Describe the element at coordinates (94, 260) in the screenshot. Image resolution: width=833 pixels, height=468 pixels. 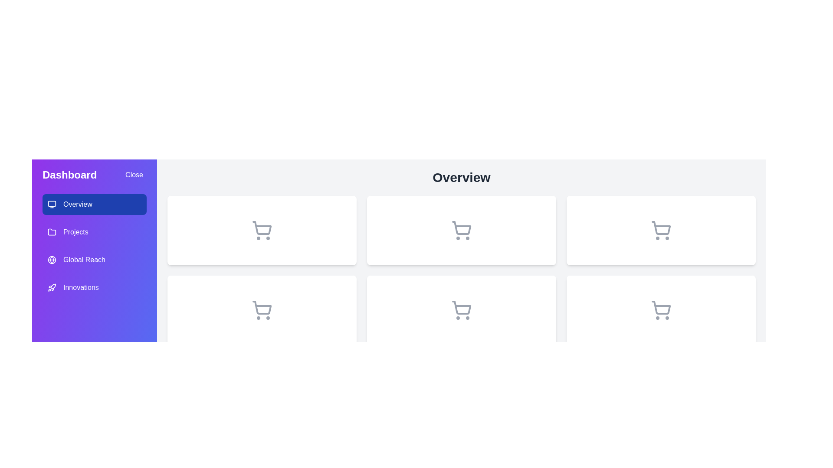
I see `the menu section Global Reach by clicking on its corresponding menu item` at that location.